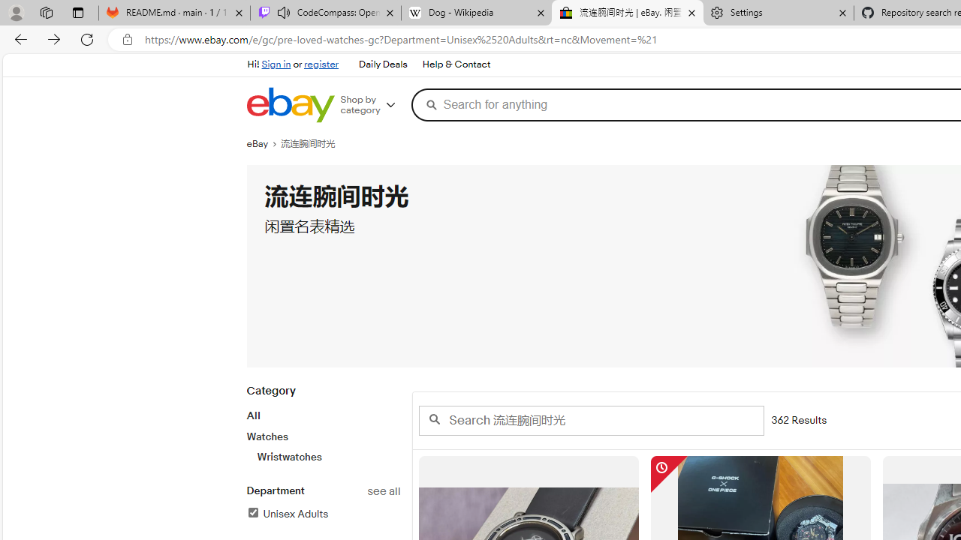 The height and width of the screenshot is (540, 961). I want to click on 'Daily Deals', so click(383, 64).